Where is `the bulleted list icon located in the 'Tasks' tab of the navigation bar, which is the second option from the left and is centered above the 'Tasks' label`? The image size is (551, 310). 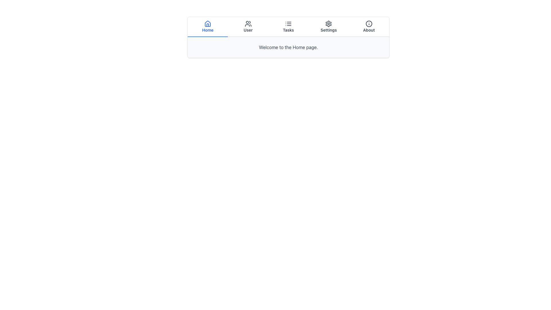 the bulleted list icon located in the 'Tasks' tab of the navigation bar, which is the second option from the left and is centered above the 'Tasks' label is located at coordinates (288, 24).